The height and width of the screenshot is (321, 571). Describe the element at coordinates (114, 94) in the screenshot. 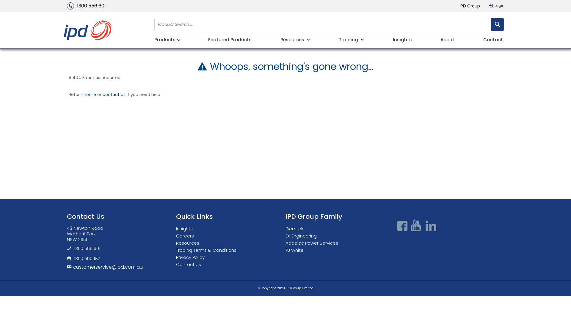

I see `'contact us'` at that location.